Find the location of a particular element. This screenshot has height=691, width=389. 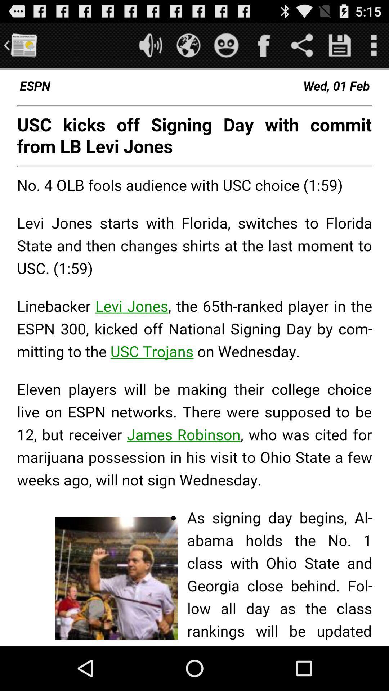

the save icon is located at coordinates (340, 48).